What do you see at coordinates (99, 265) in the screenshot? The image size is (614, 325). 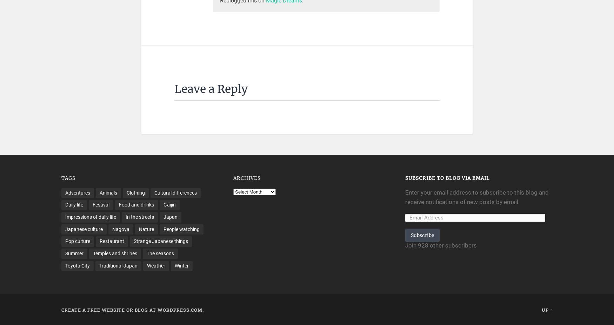 I see `'Traditional Japan'` at bounding box center [99, 265].